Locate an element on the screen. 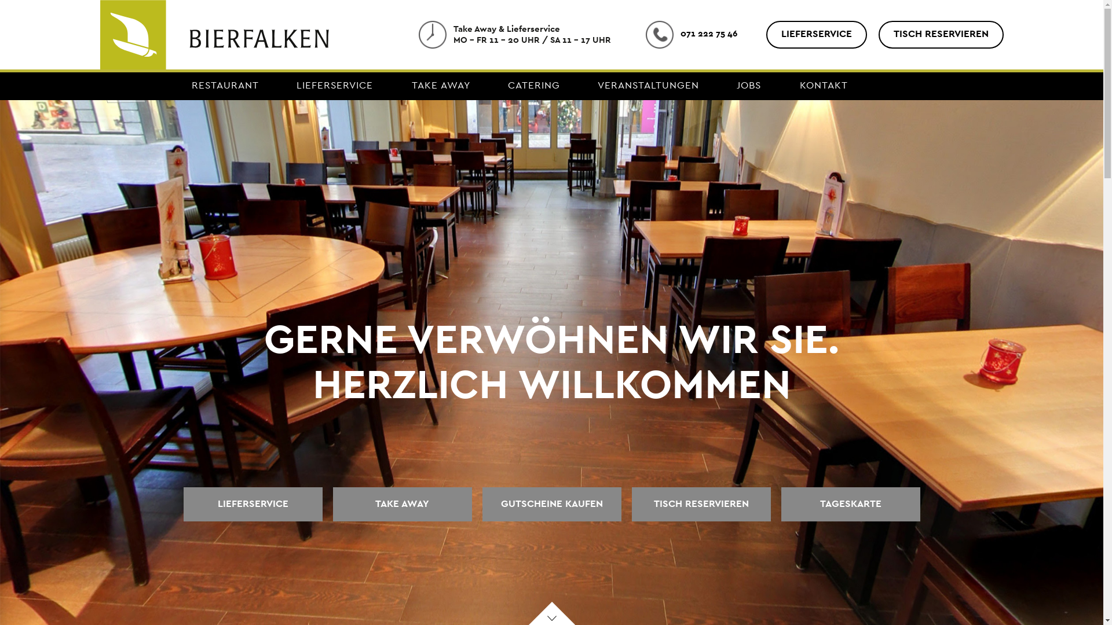 This screenshot has height=625, width=1112. 'TISCH RESERVIEREN' is located at coordinates (940, 34).